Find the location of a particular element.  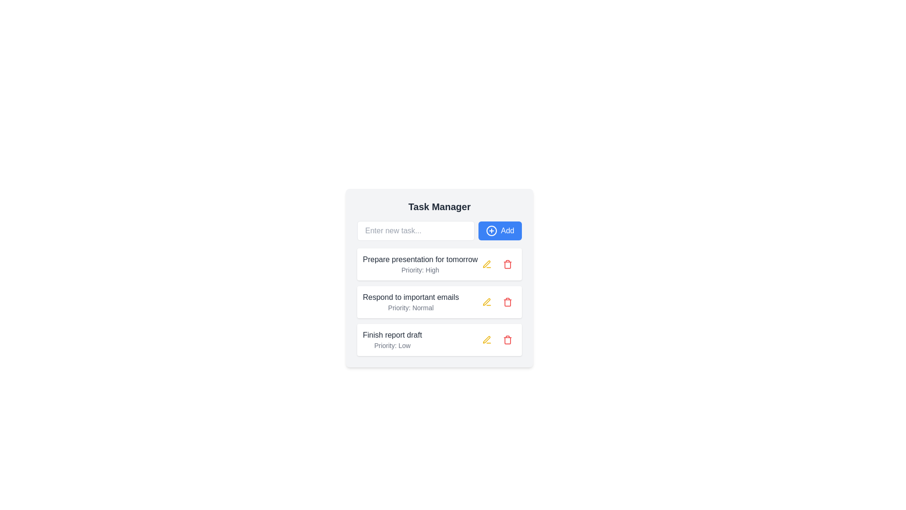

the 'High' priority text label beneath the task item 'Prepare presentation for tomorrow' to provide context about the task's importance is located at coordinates (419, 270).